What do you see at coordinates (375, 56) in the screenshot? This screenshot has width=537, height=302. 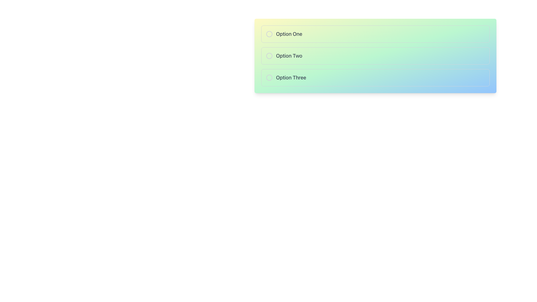 I see `the selectable option with a radio button labeled 'Option Two' to apply hover effects` at bounding box center [375, 56].